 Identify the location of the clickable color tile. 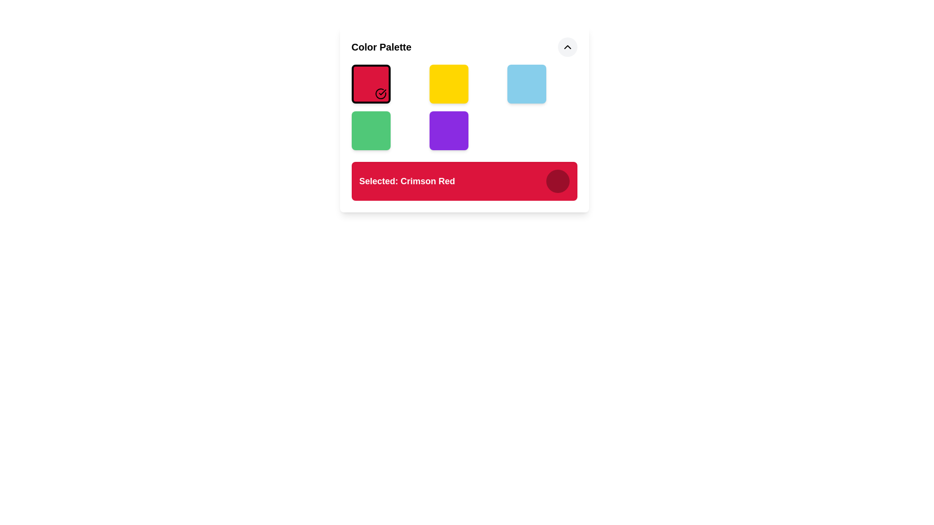
(464, 119).